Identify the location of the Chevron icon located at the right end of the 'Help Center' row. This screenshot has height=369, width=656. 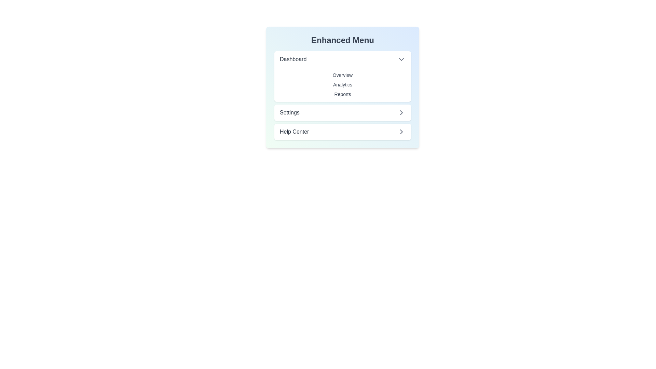
(401, 132).